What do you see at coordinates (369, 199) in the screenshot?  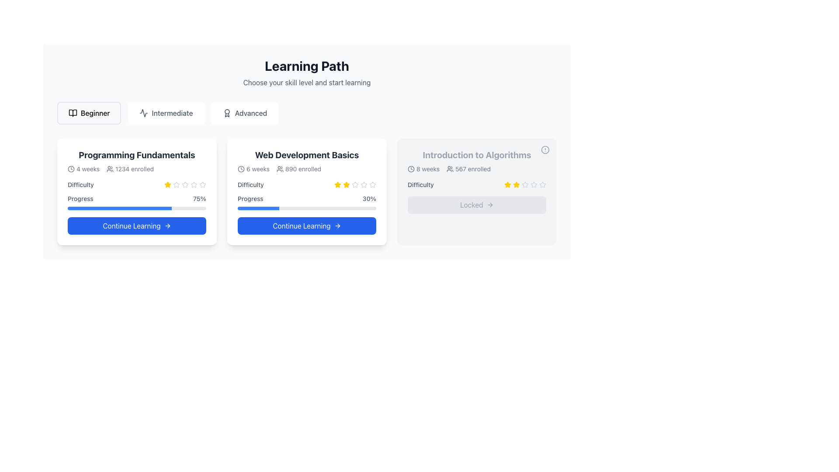 I see `the static text label displaying the progress percentage for the 'Web Development Basics' course located in the top right corner of the progress indicator area` at bounding box center [369, 199].